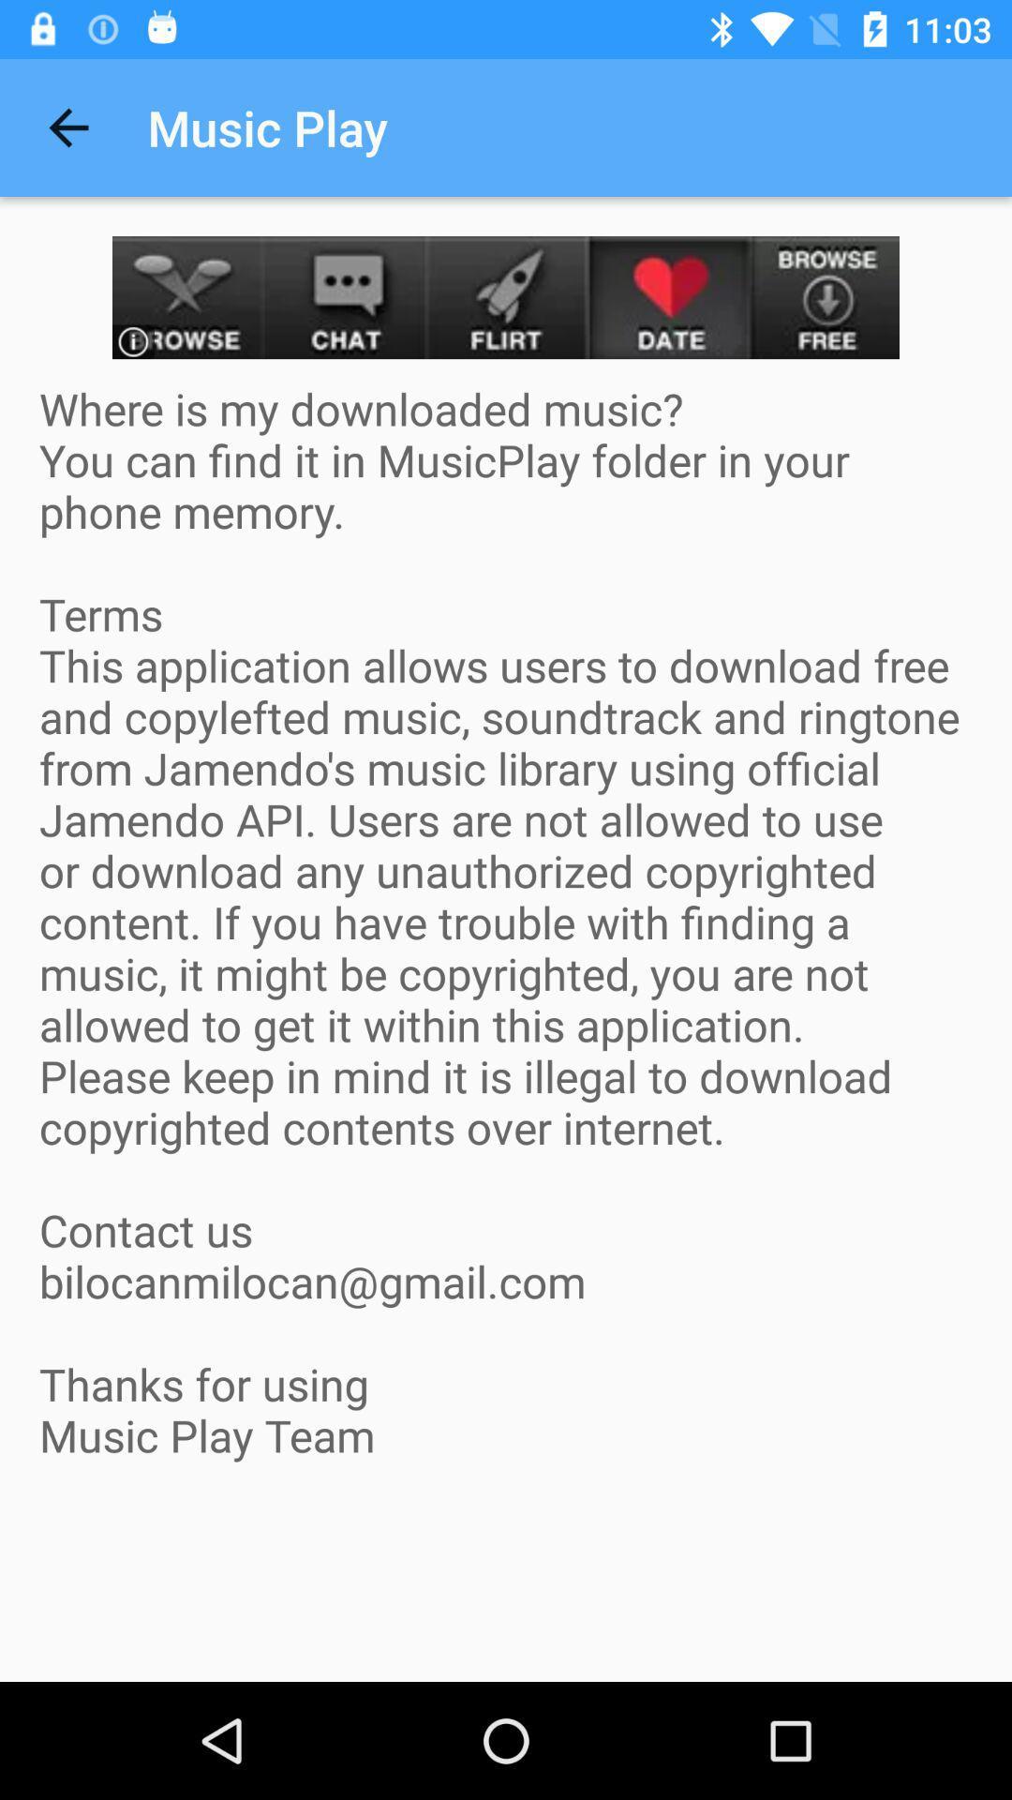  Describe the element at coordinates (506, 296) in the screenshot. I see `visit advertisement` at that location.